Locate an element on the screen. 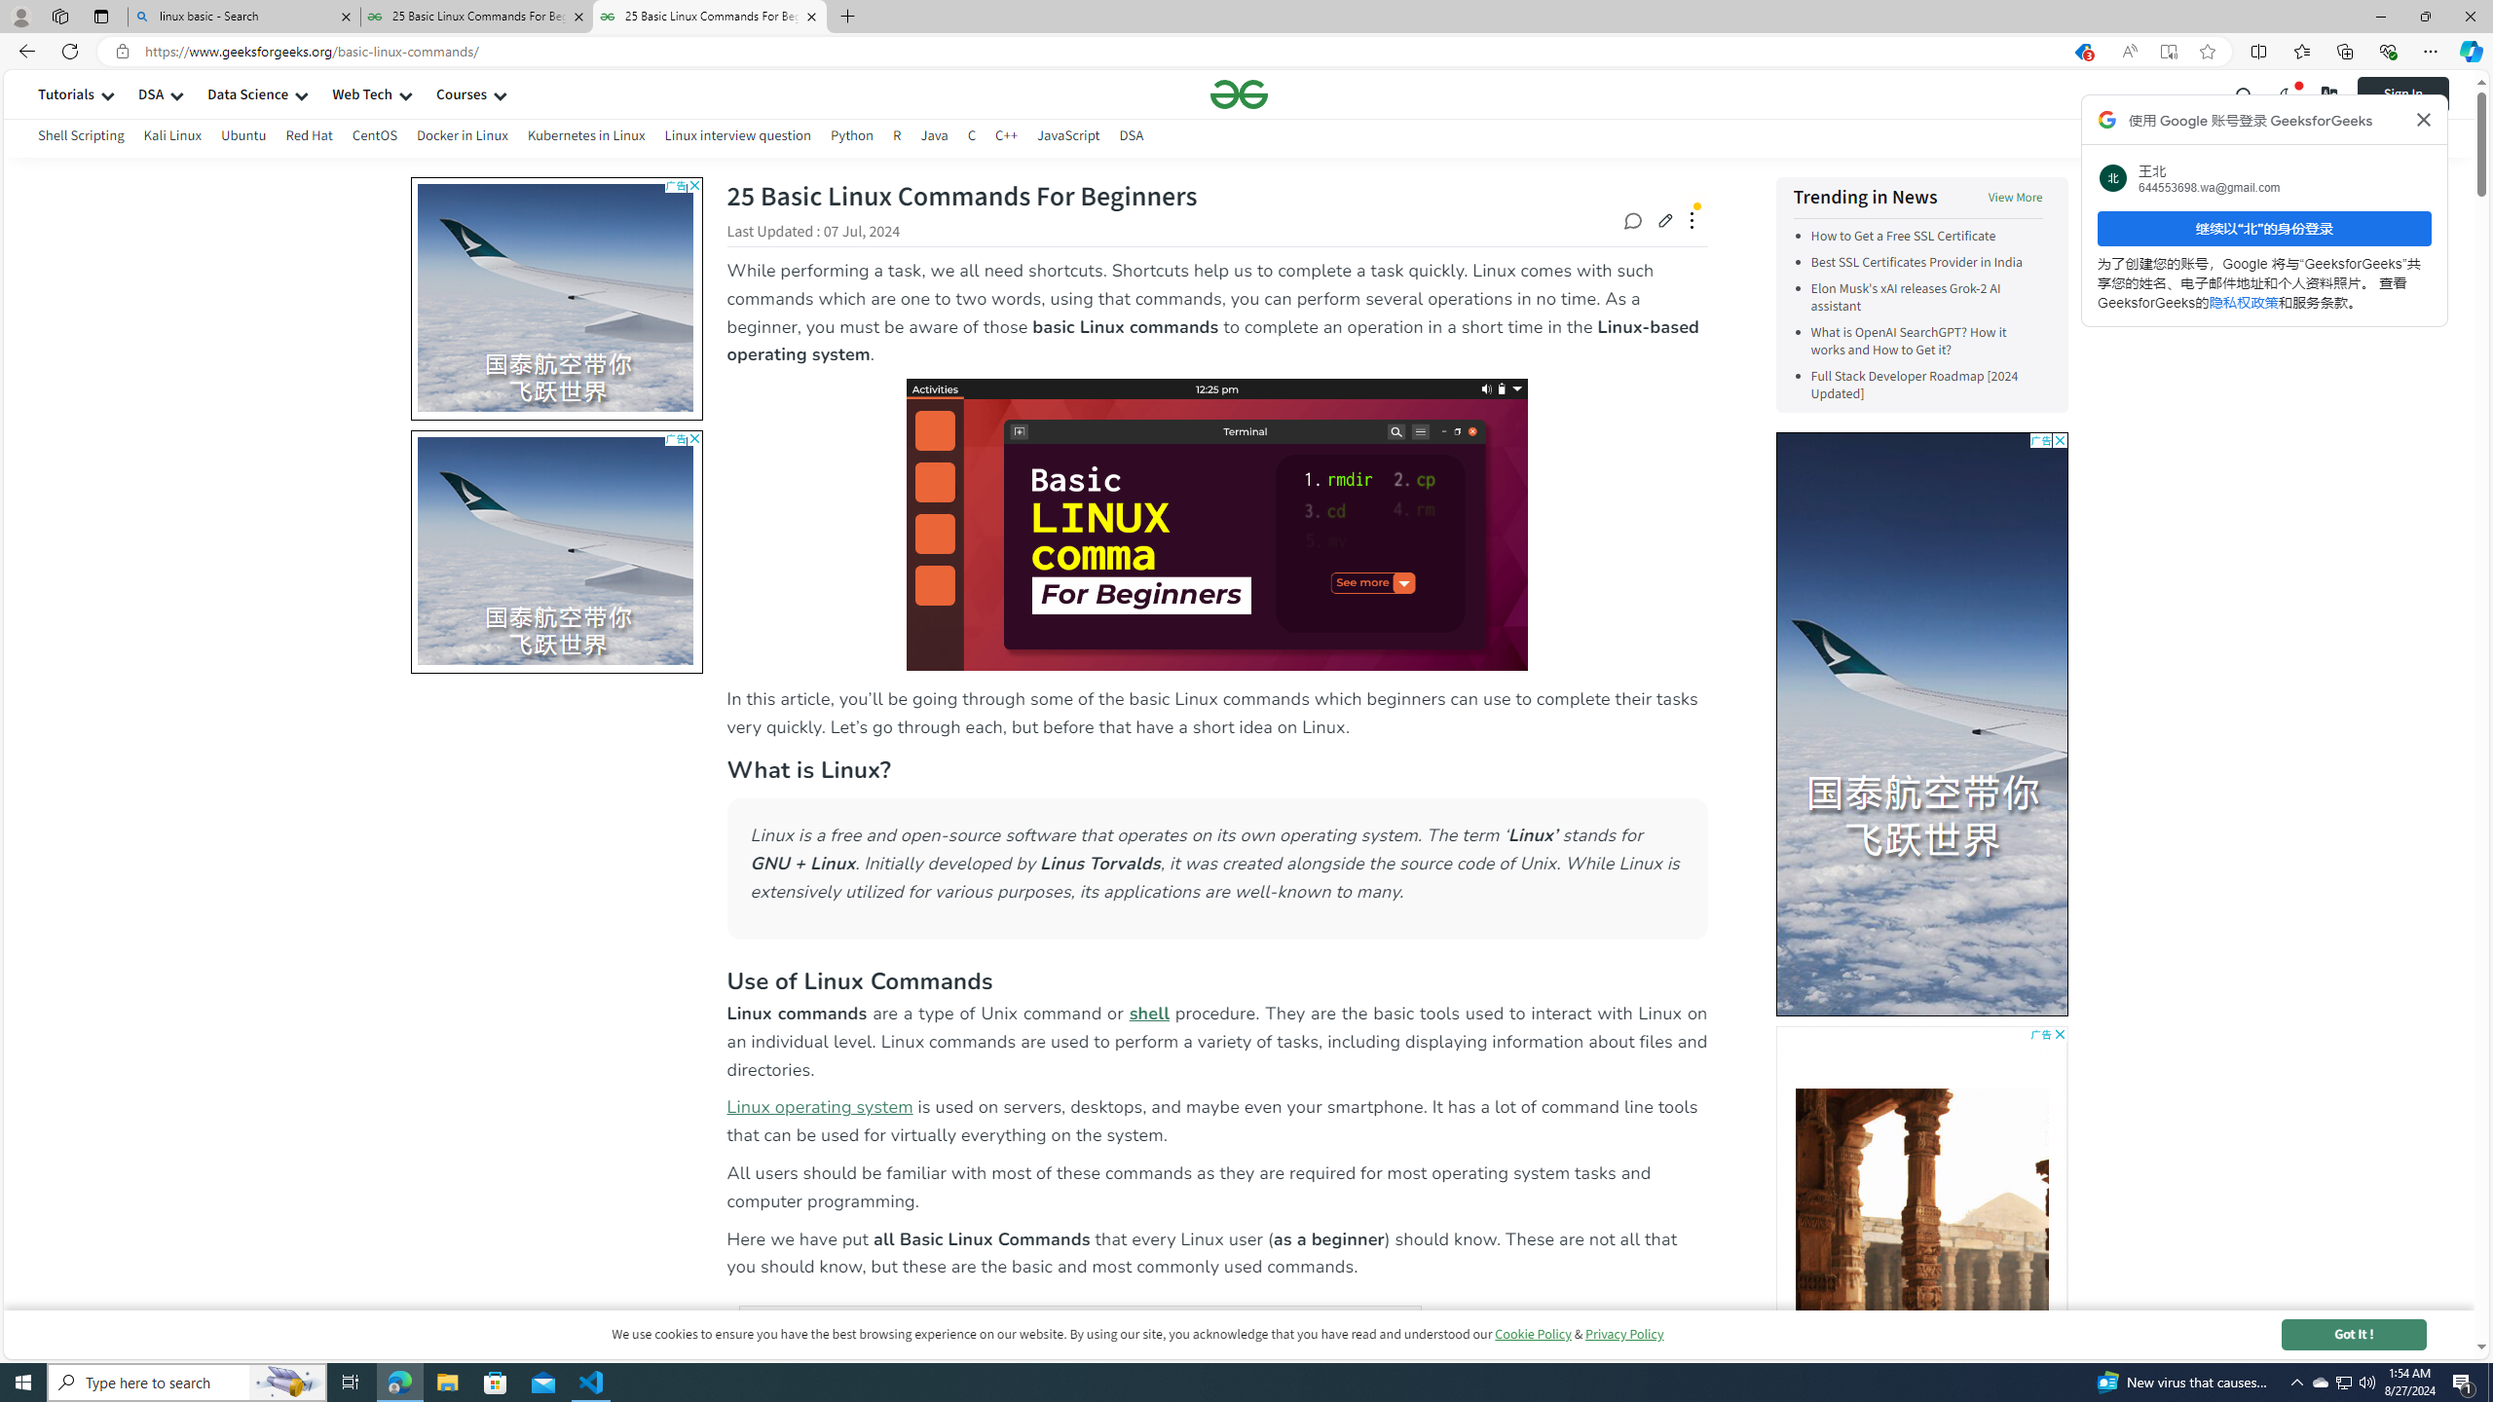 This screenshot has height=1402, width=2493. 'Ubuntu' is located at coordinates (242, 137).